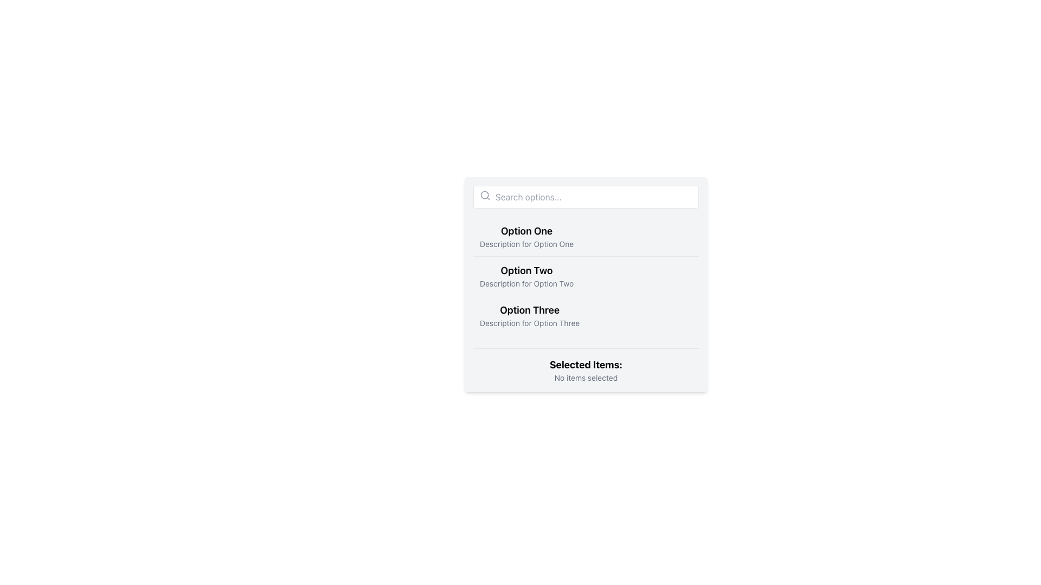  Describe the element at coordinates (526, 236) in the screenshot. I see `the first selectable item in the list, labeled 'Option One'` at that location.